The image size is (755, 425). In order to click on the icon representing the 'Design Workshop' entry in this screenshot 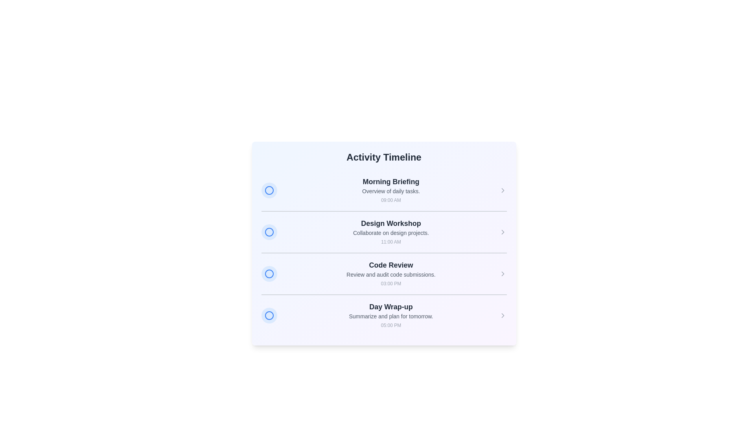, I will do `click(269, 232)`.